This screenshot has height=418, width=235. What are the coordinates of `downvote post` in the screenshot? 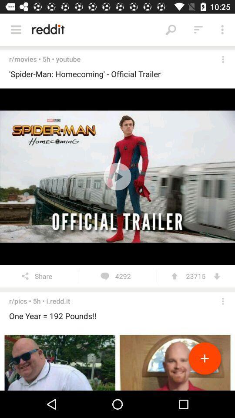 It's located at (216, 276).